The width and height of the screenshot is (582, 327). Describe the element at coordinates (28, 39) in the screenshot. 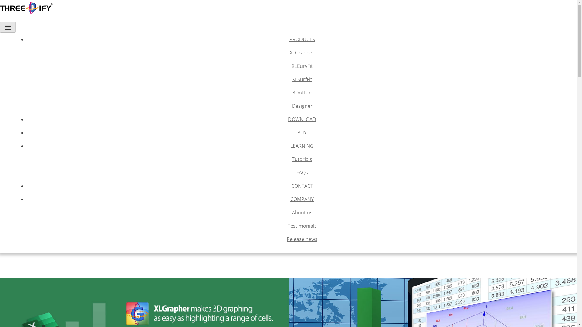

I see `'PRODUCTS'` at that location.